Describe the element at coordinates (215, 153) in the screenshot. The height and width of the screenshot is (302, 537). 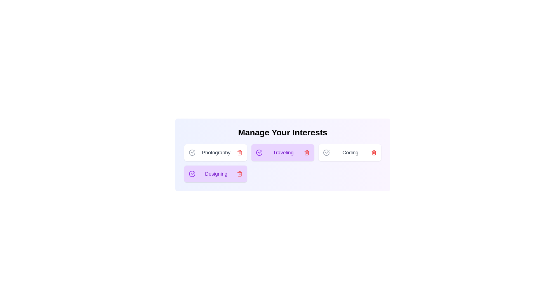
I see `the chip labeled Photography` at that location.